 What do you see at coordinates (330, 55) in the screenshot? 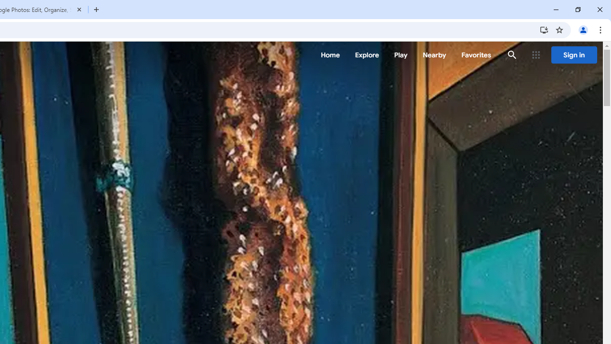
I see `'Home'` at bounding box center [330, 55].